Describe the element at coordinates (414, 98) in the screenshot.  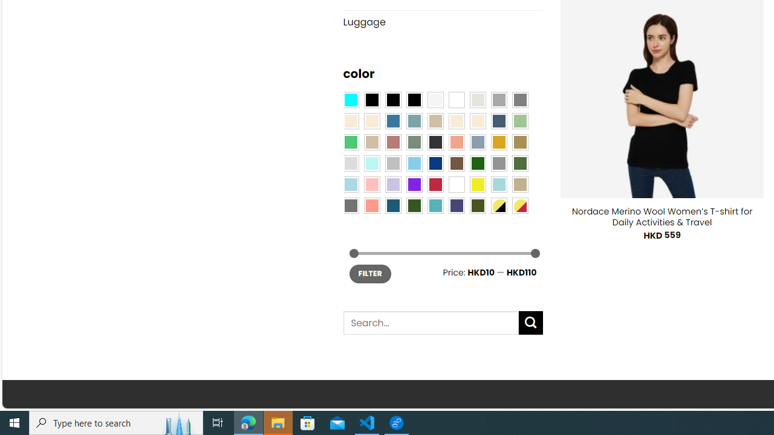
I see `'Black-Brown'` at that location.